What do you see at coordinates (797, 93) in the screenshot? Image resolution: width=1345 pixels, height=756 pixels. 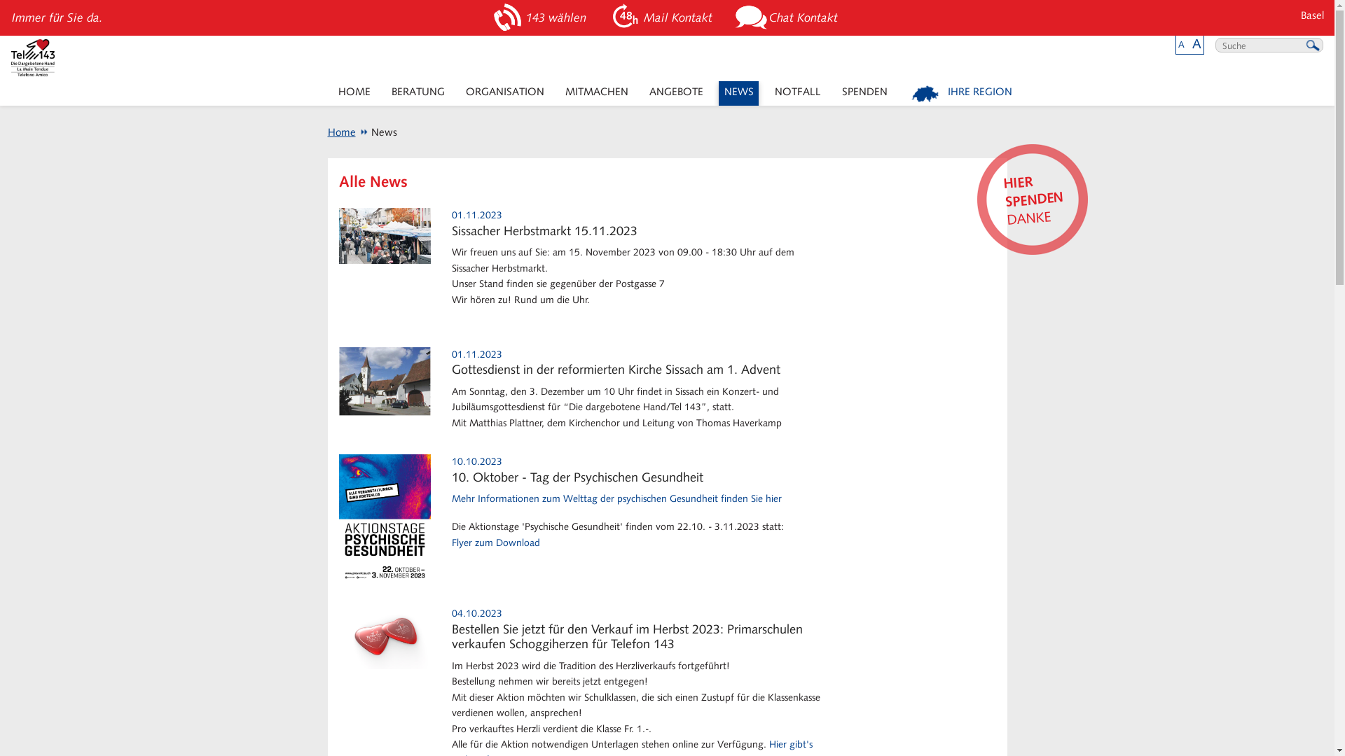 I see `'NOTFALL'` at bounding box center [797, 93].